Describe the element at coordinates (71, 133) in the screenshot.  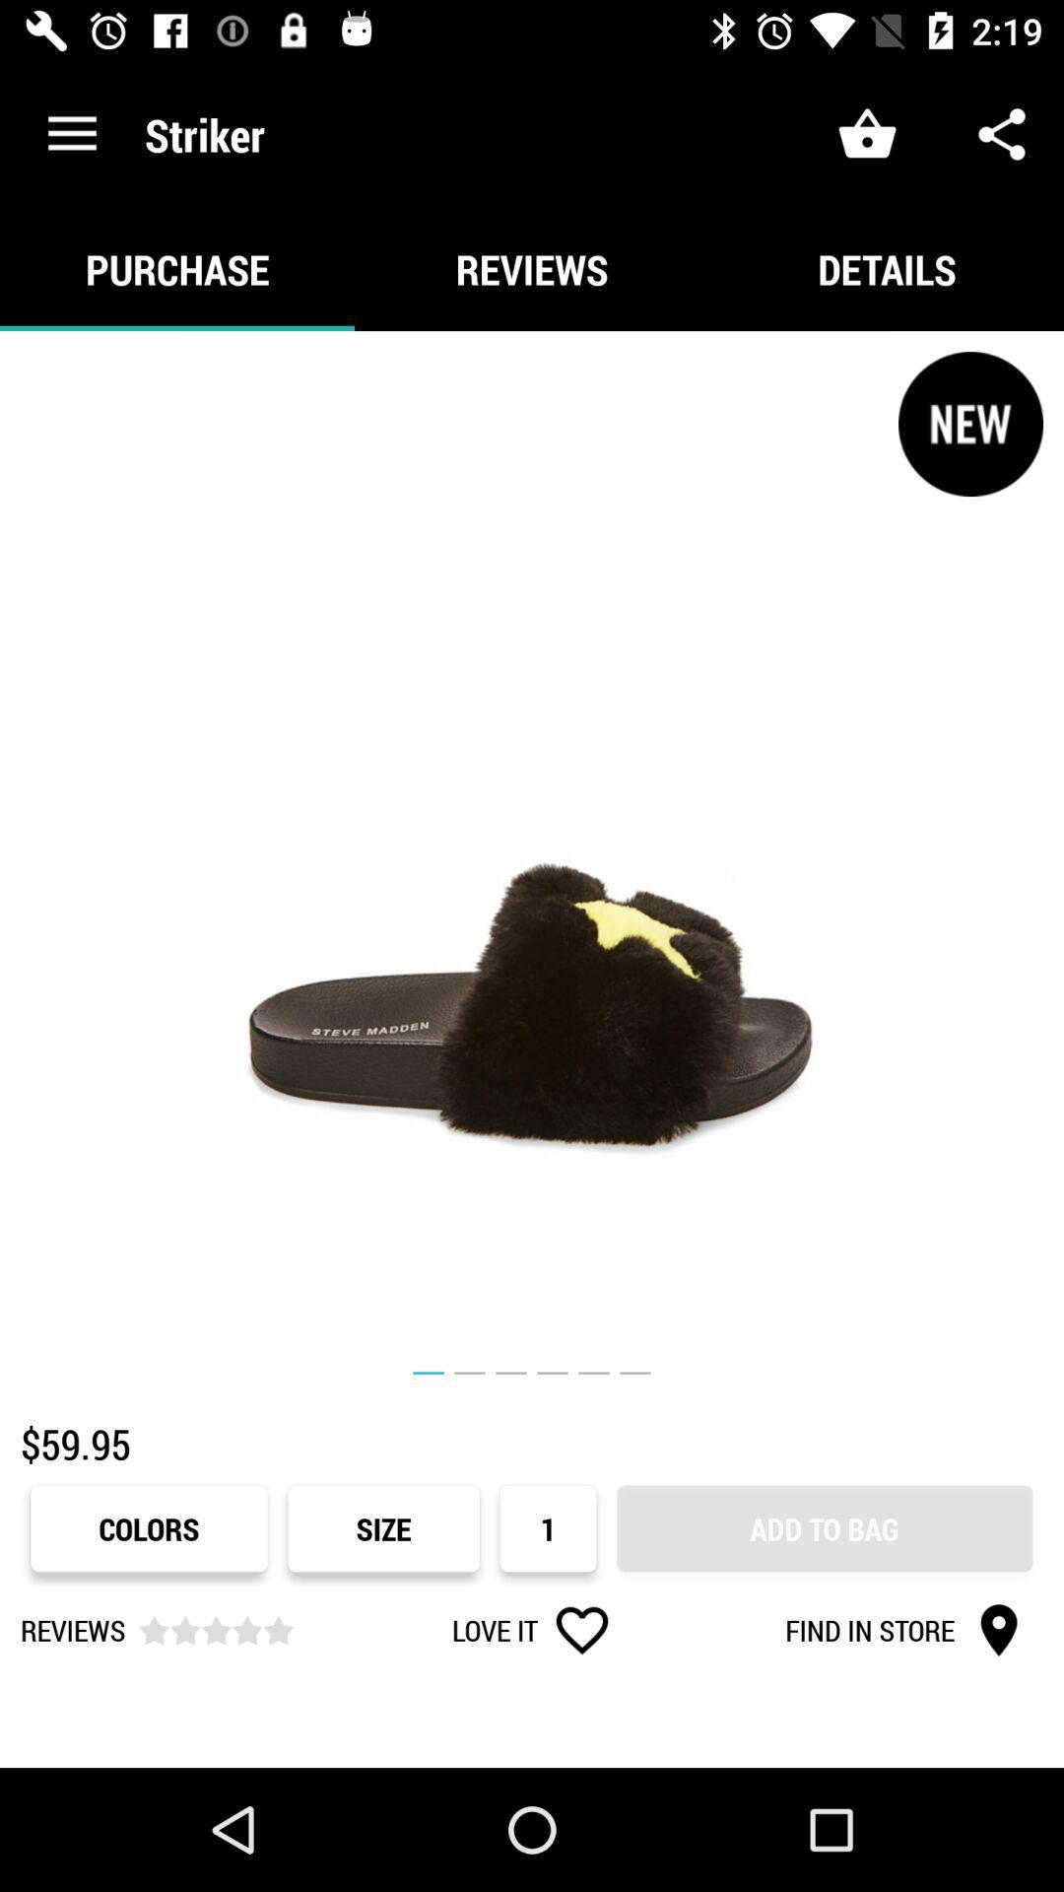
I see `item next to the striker` at that location.